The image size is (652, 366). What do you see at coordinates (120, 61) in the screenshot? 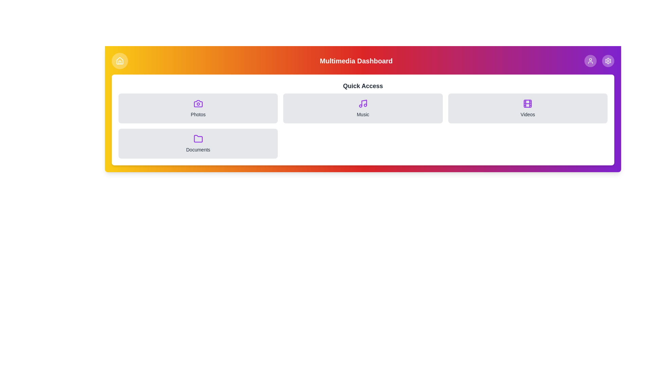
I see `button with the Home icon to toggle the menu visibility` at bounding box center [120, 61].